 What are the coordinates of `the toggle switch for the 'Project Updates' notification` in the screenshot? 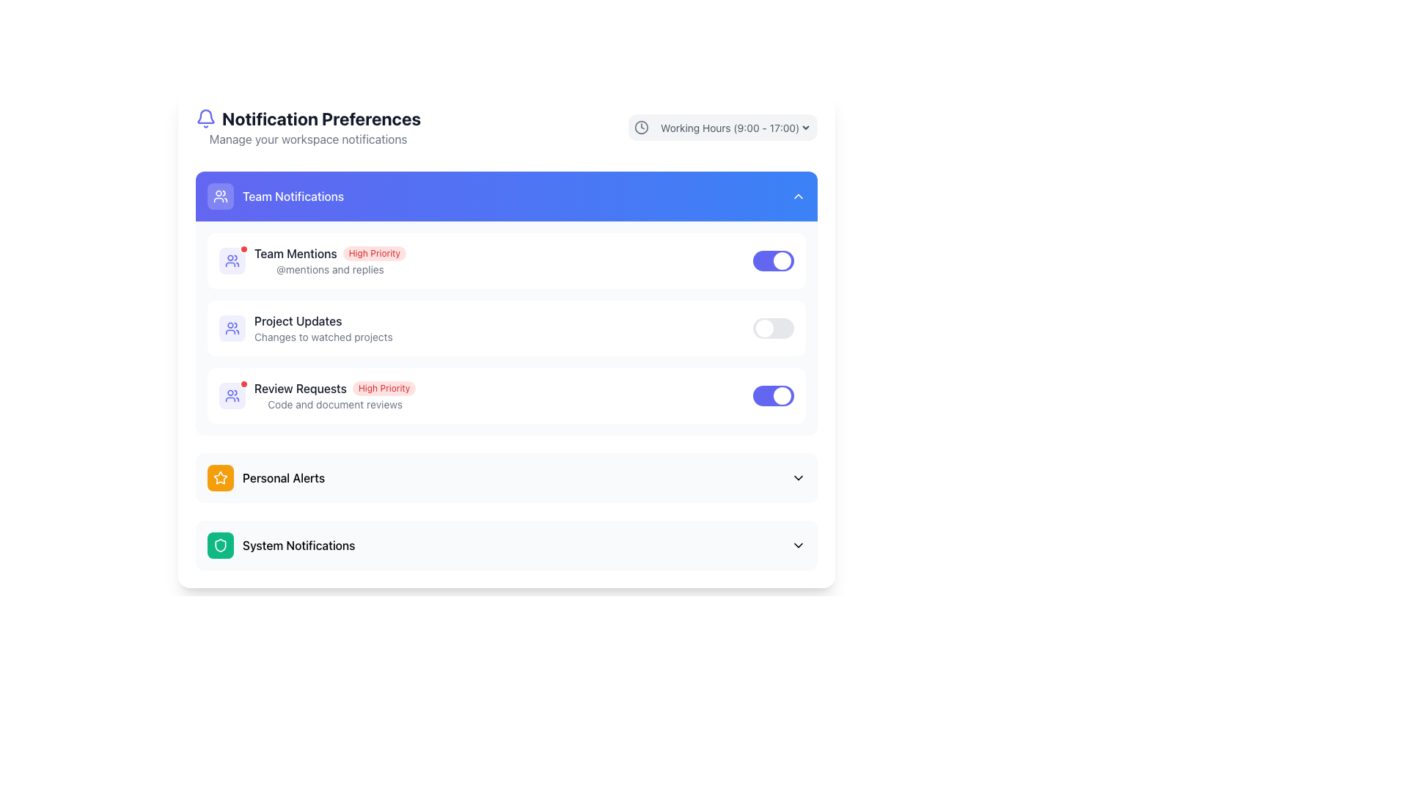 It's located at (507, 327).